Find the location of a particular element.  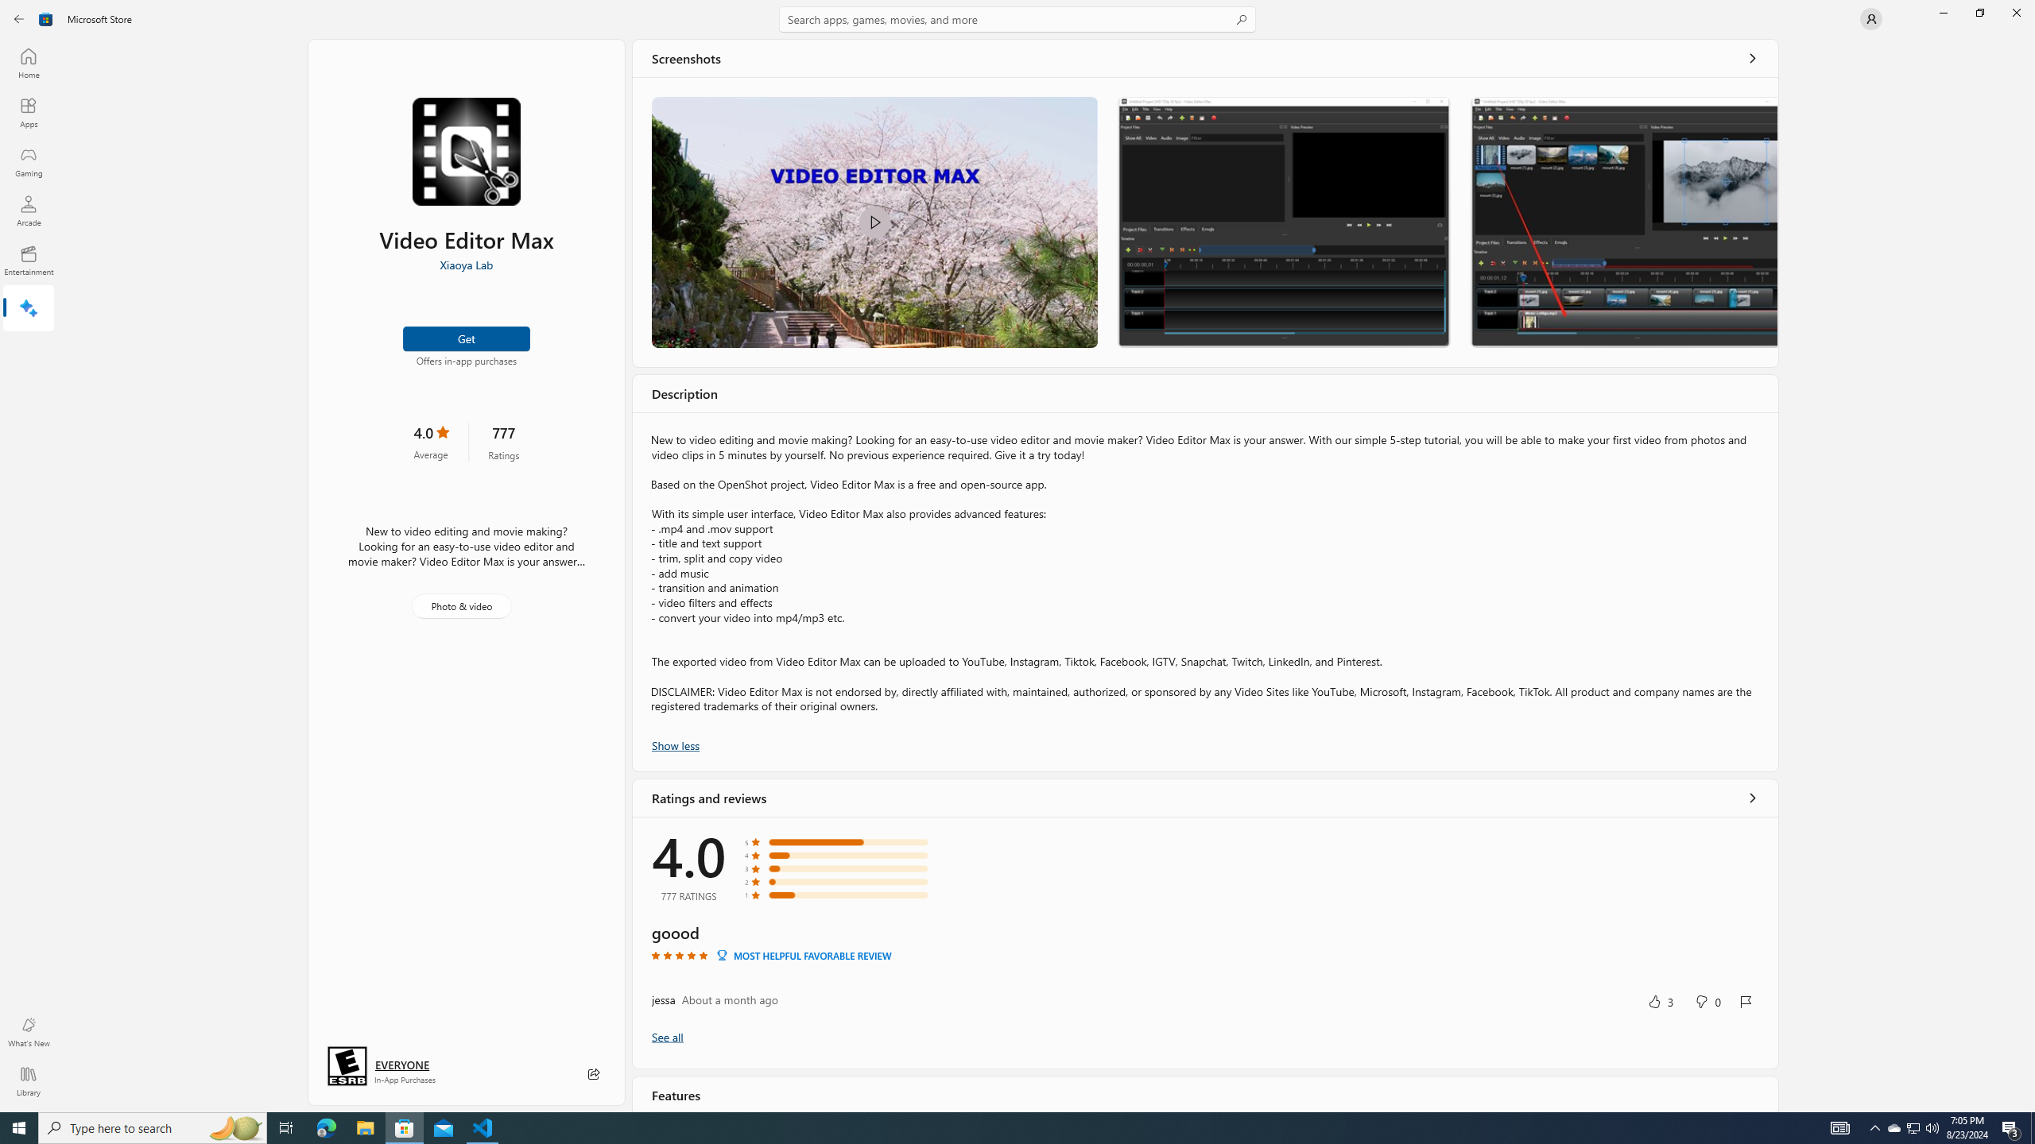

'Video Editor Max Trailer' is located at coordinates (873, 222).